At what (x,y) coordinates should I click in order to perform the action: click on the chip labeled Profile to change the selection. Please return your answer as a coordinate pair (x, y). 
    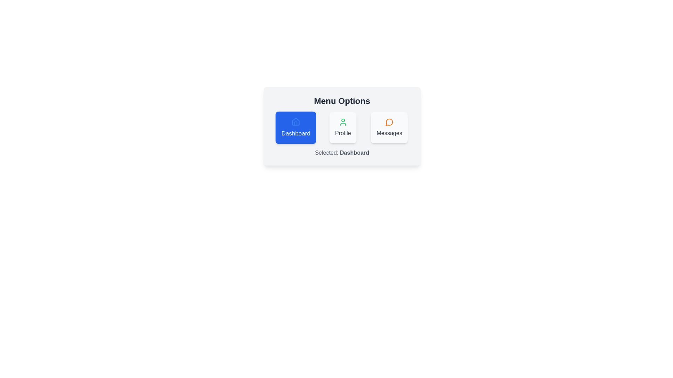
    Looking at the image, I should click on (343, 128).